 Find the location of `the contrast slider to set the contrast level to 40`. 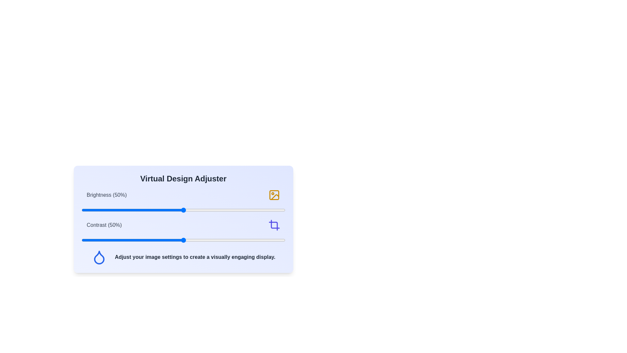

the contrast slider to set the contrast level to 40 is located at coordinates (163, 240).